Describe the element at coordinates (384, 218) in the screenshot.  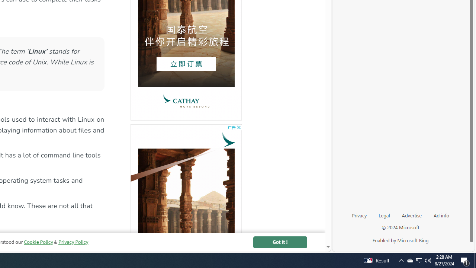
I see `'Legal'` at that location.